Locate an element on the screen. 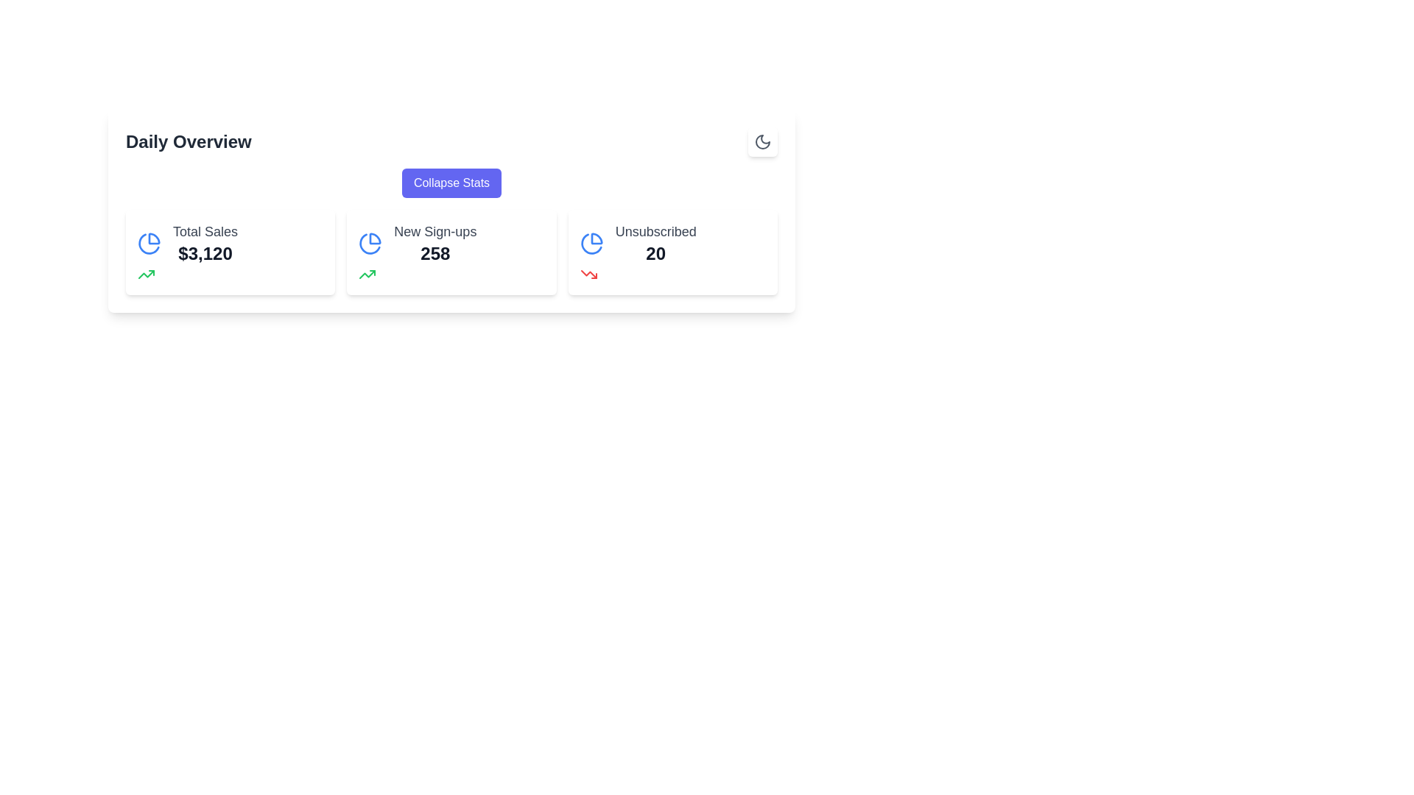  the blue stroke pie chart slice representing 'New Sign-ups' in the statistics section of the second card is located at coordinates (370, 243).